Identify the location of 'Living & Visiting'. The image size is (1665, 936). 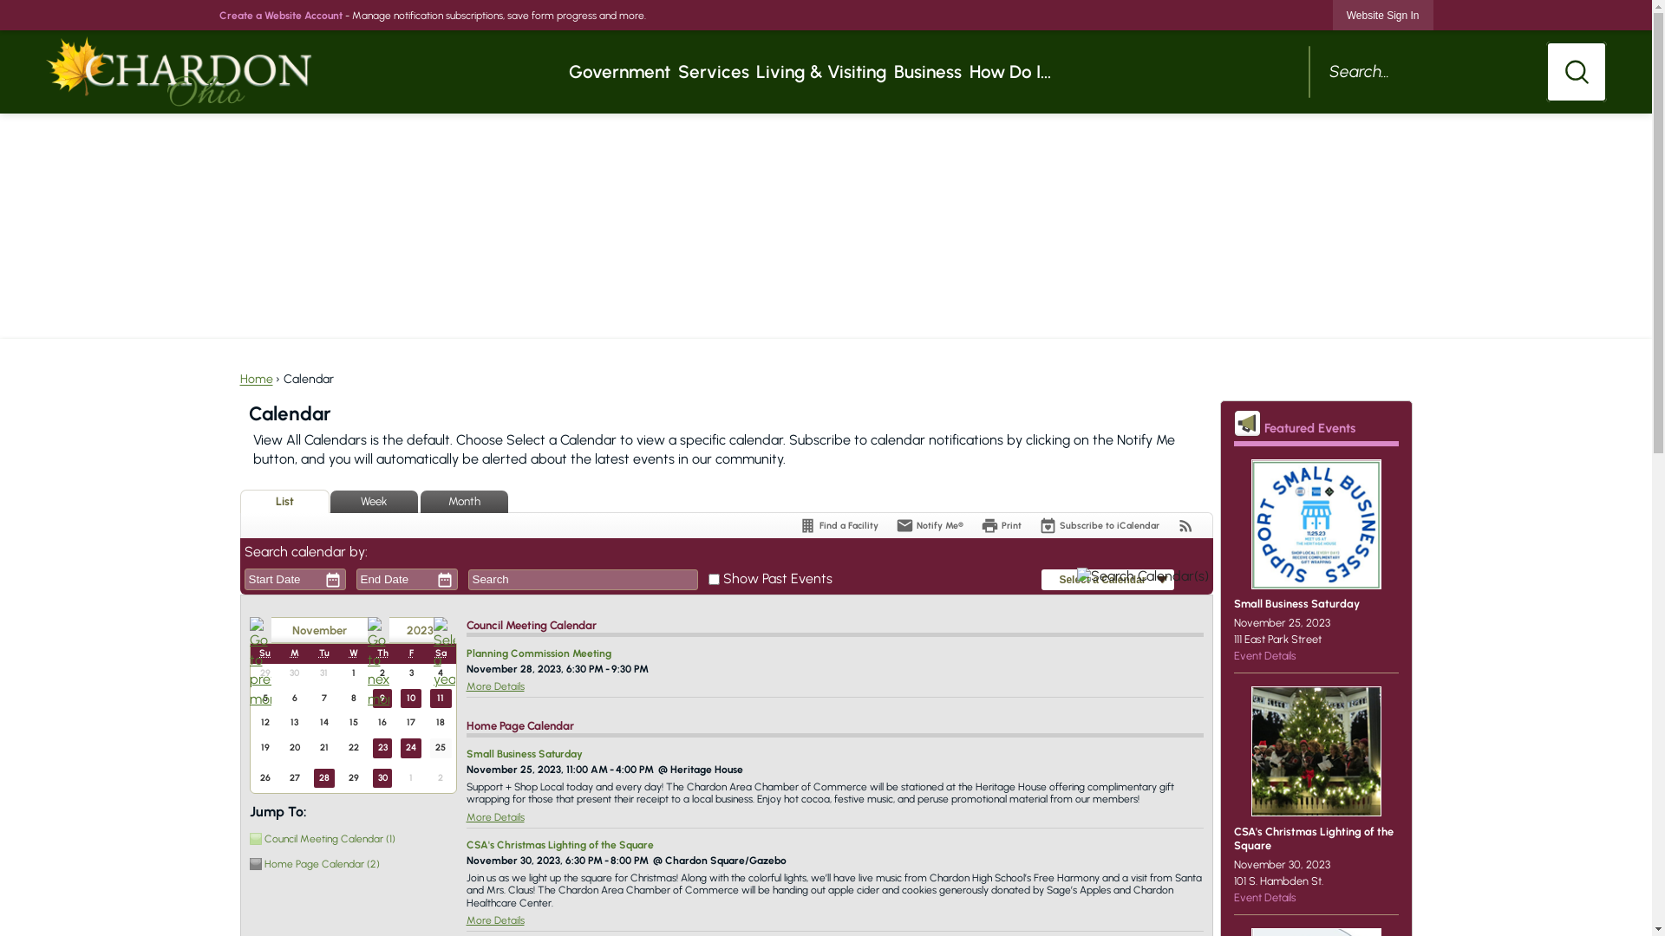
(820, 71).